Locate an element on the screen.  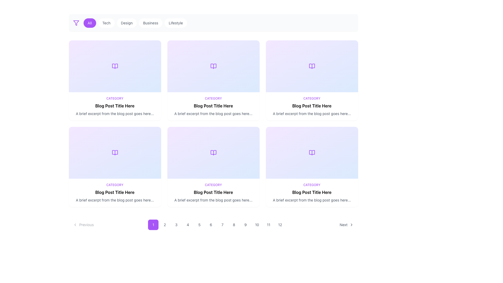
the text label that serves as the title for a blog post, located in the middle row, second column of the blog entries grid is located at coordinates (114, 106).